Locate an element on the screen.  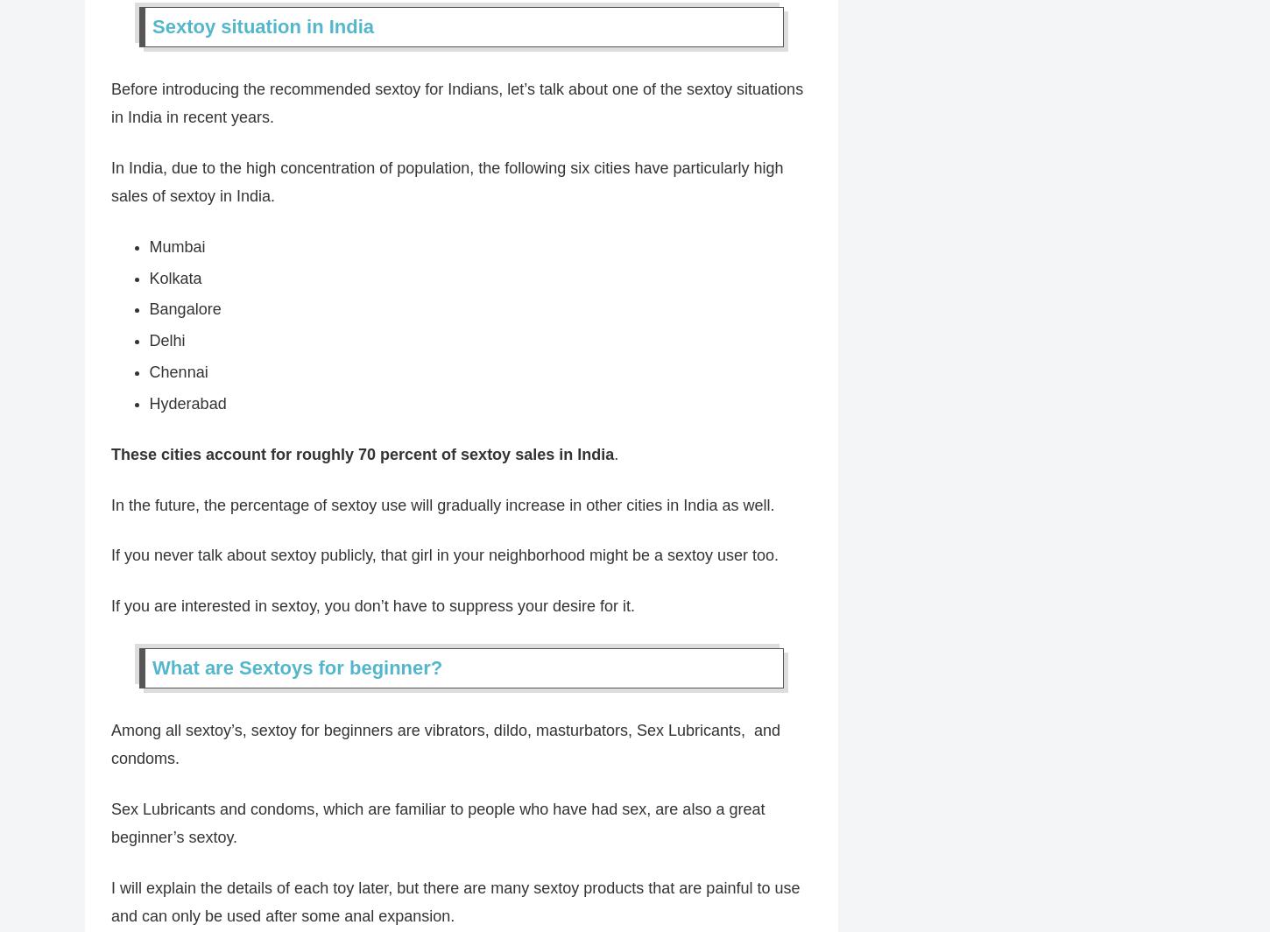
'Bangalore' is located at coordinates (183, 309).